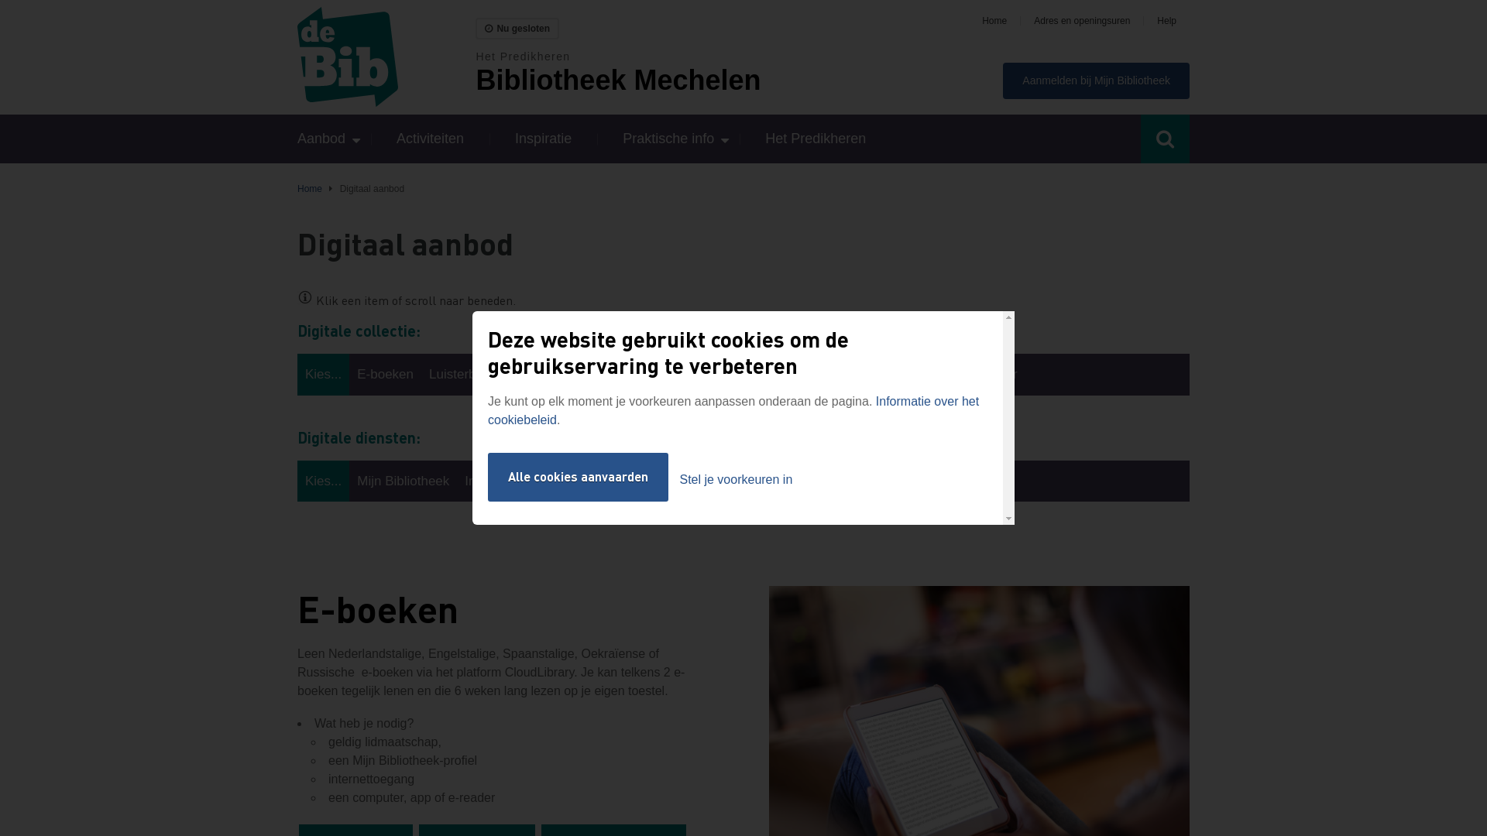 Image resolution: width=1487 pixels, height=836 pixels. I want to click on 'Home', so click(994, 21).